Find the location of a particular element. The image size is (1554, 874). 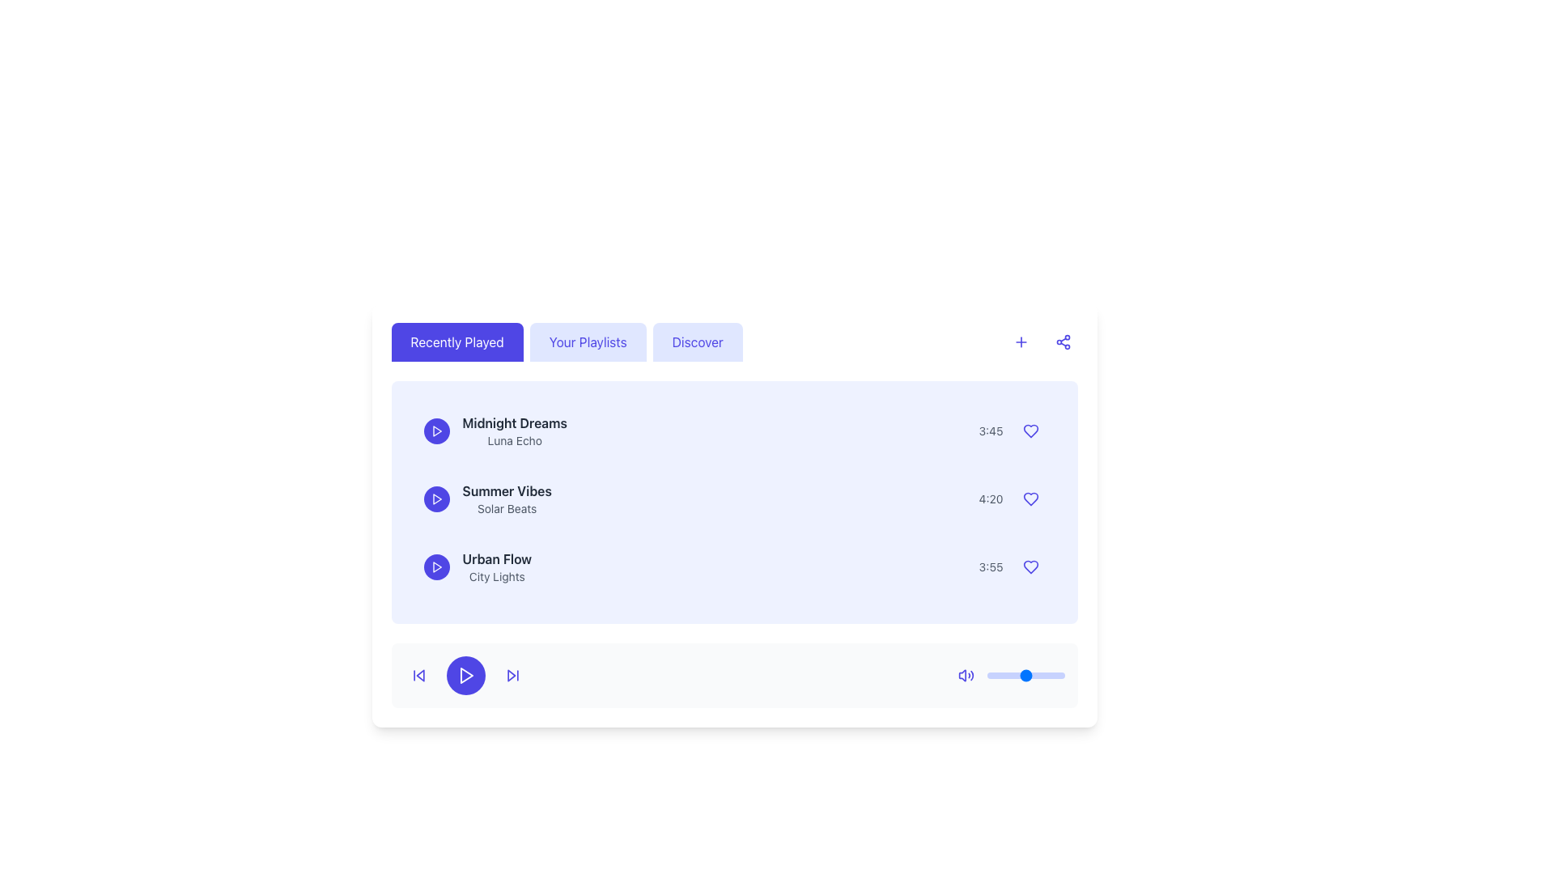

the slider is located at coordinates (1008, 675).